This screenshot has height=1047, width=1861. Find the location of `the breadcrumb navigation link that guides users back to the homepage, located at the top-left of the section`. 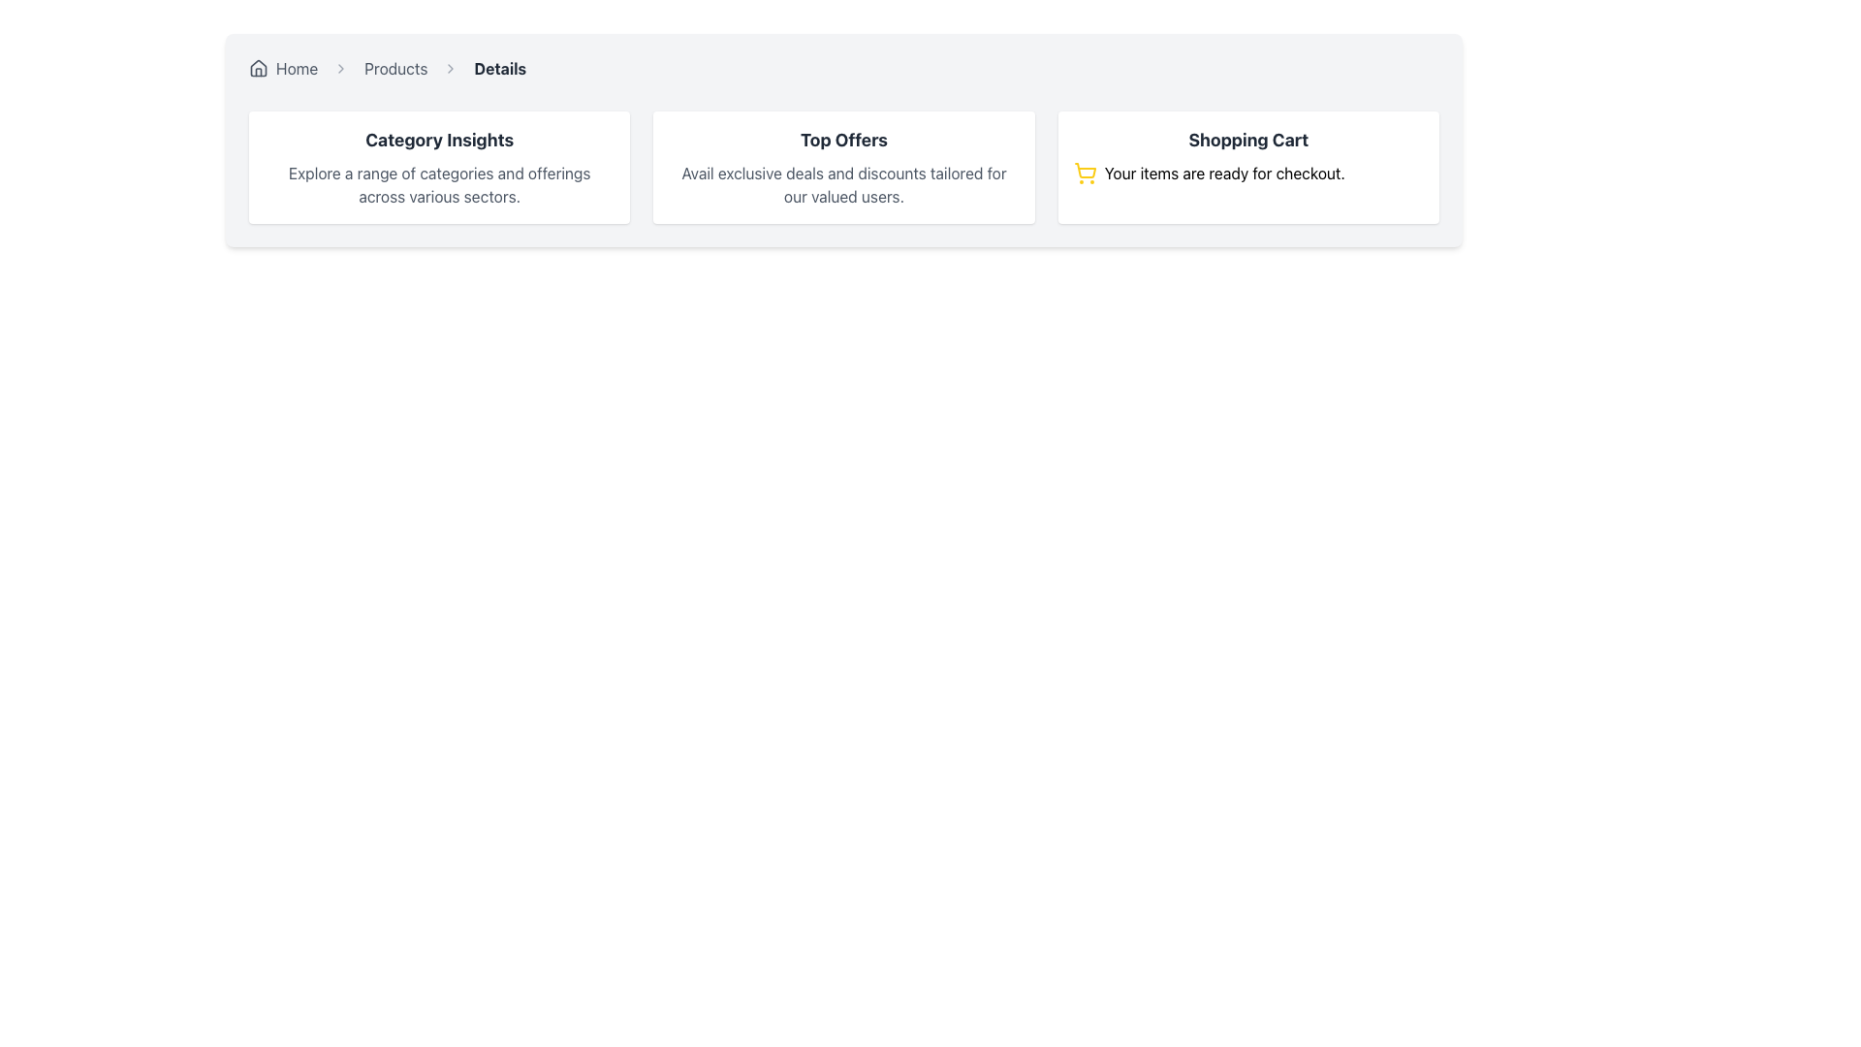

the breadcrumb navigation link that guides users back to the homepage, located at the top-left of the section is located at coordinates (282, 67).